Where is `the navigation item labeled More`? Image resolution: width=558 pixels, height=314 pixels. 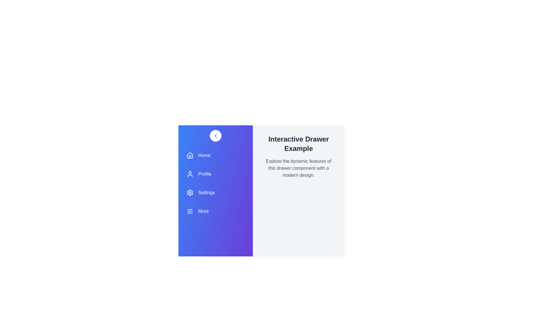
the navigation item labeled More is located at coordinates (215, 211).